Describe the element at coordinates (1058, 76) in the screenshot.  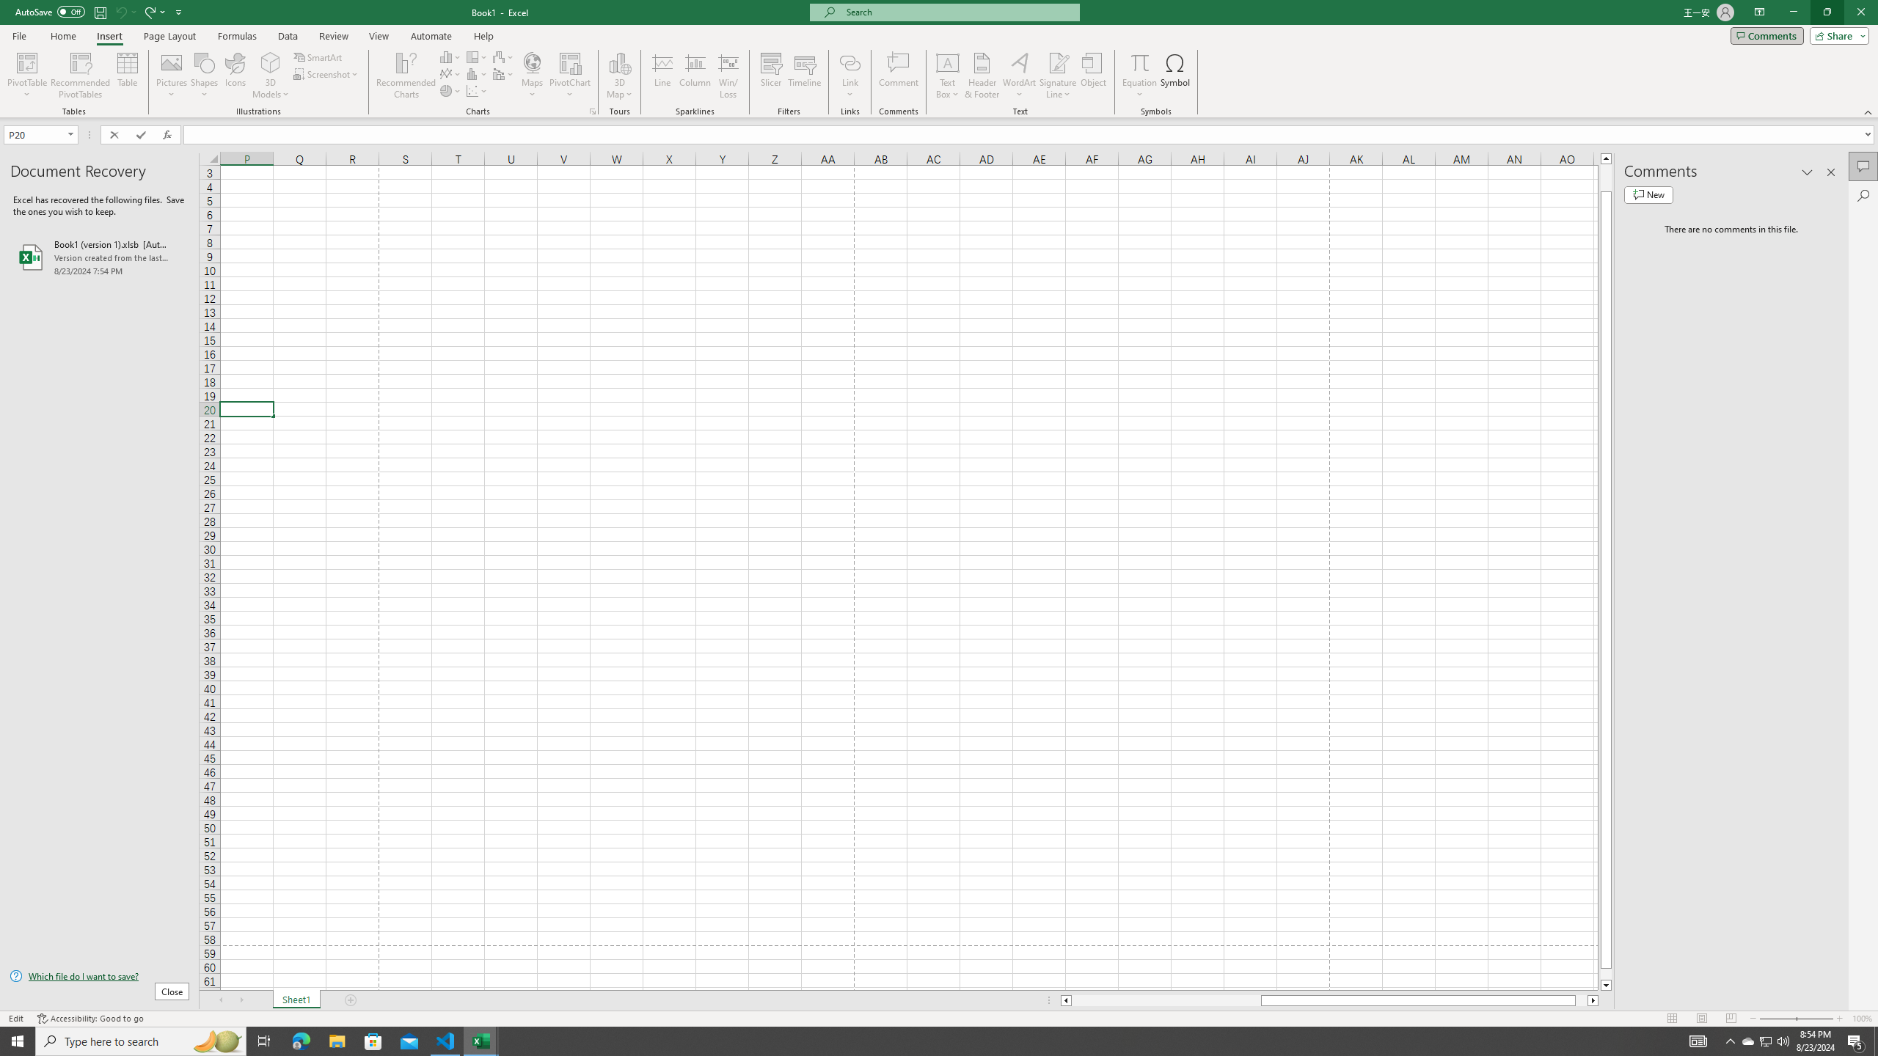
I see `'Signature Line'` at that location.